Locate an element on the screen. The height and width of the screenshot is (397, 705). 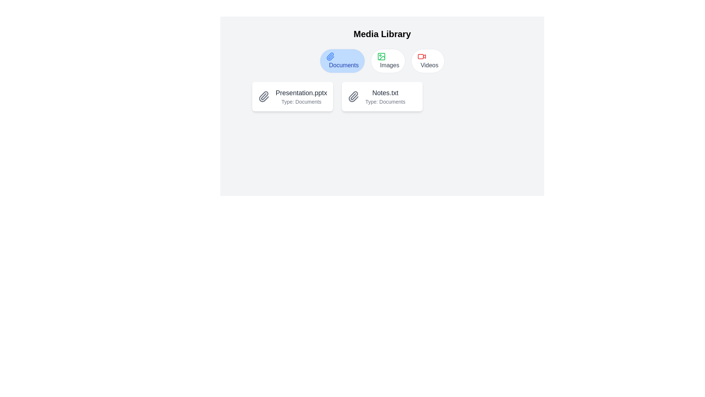
the bold text label that reads 'Media Library', which is styled with a large font size and positioned at the top center of the interface is located at coordinates (382, 34).